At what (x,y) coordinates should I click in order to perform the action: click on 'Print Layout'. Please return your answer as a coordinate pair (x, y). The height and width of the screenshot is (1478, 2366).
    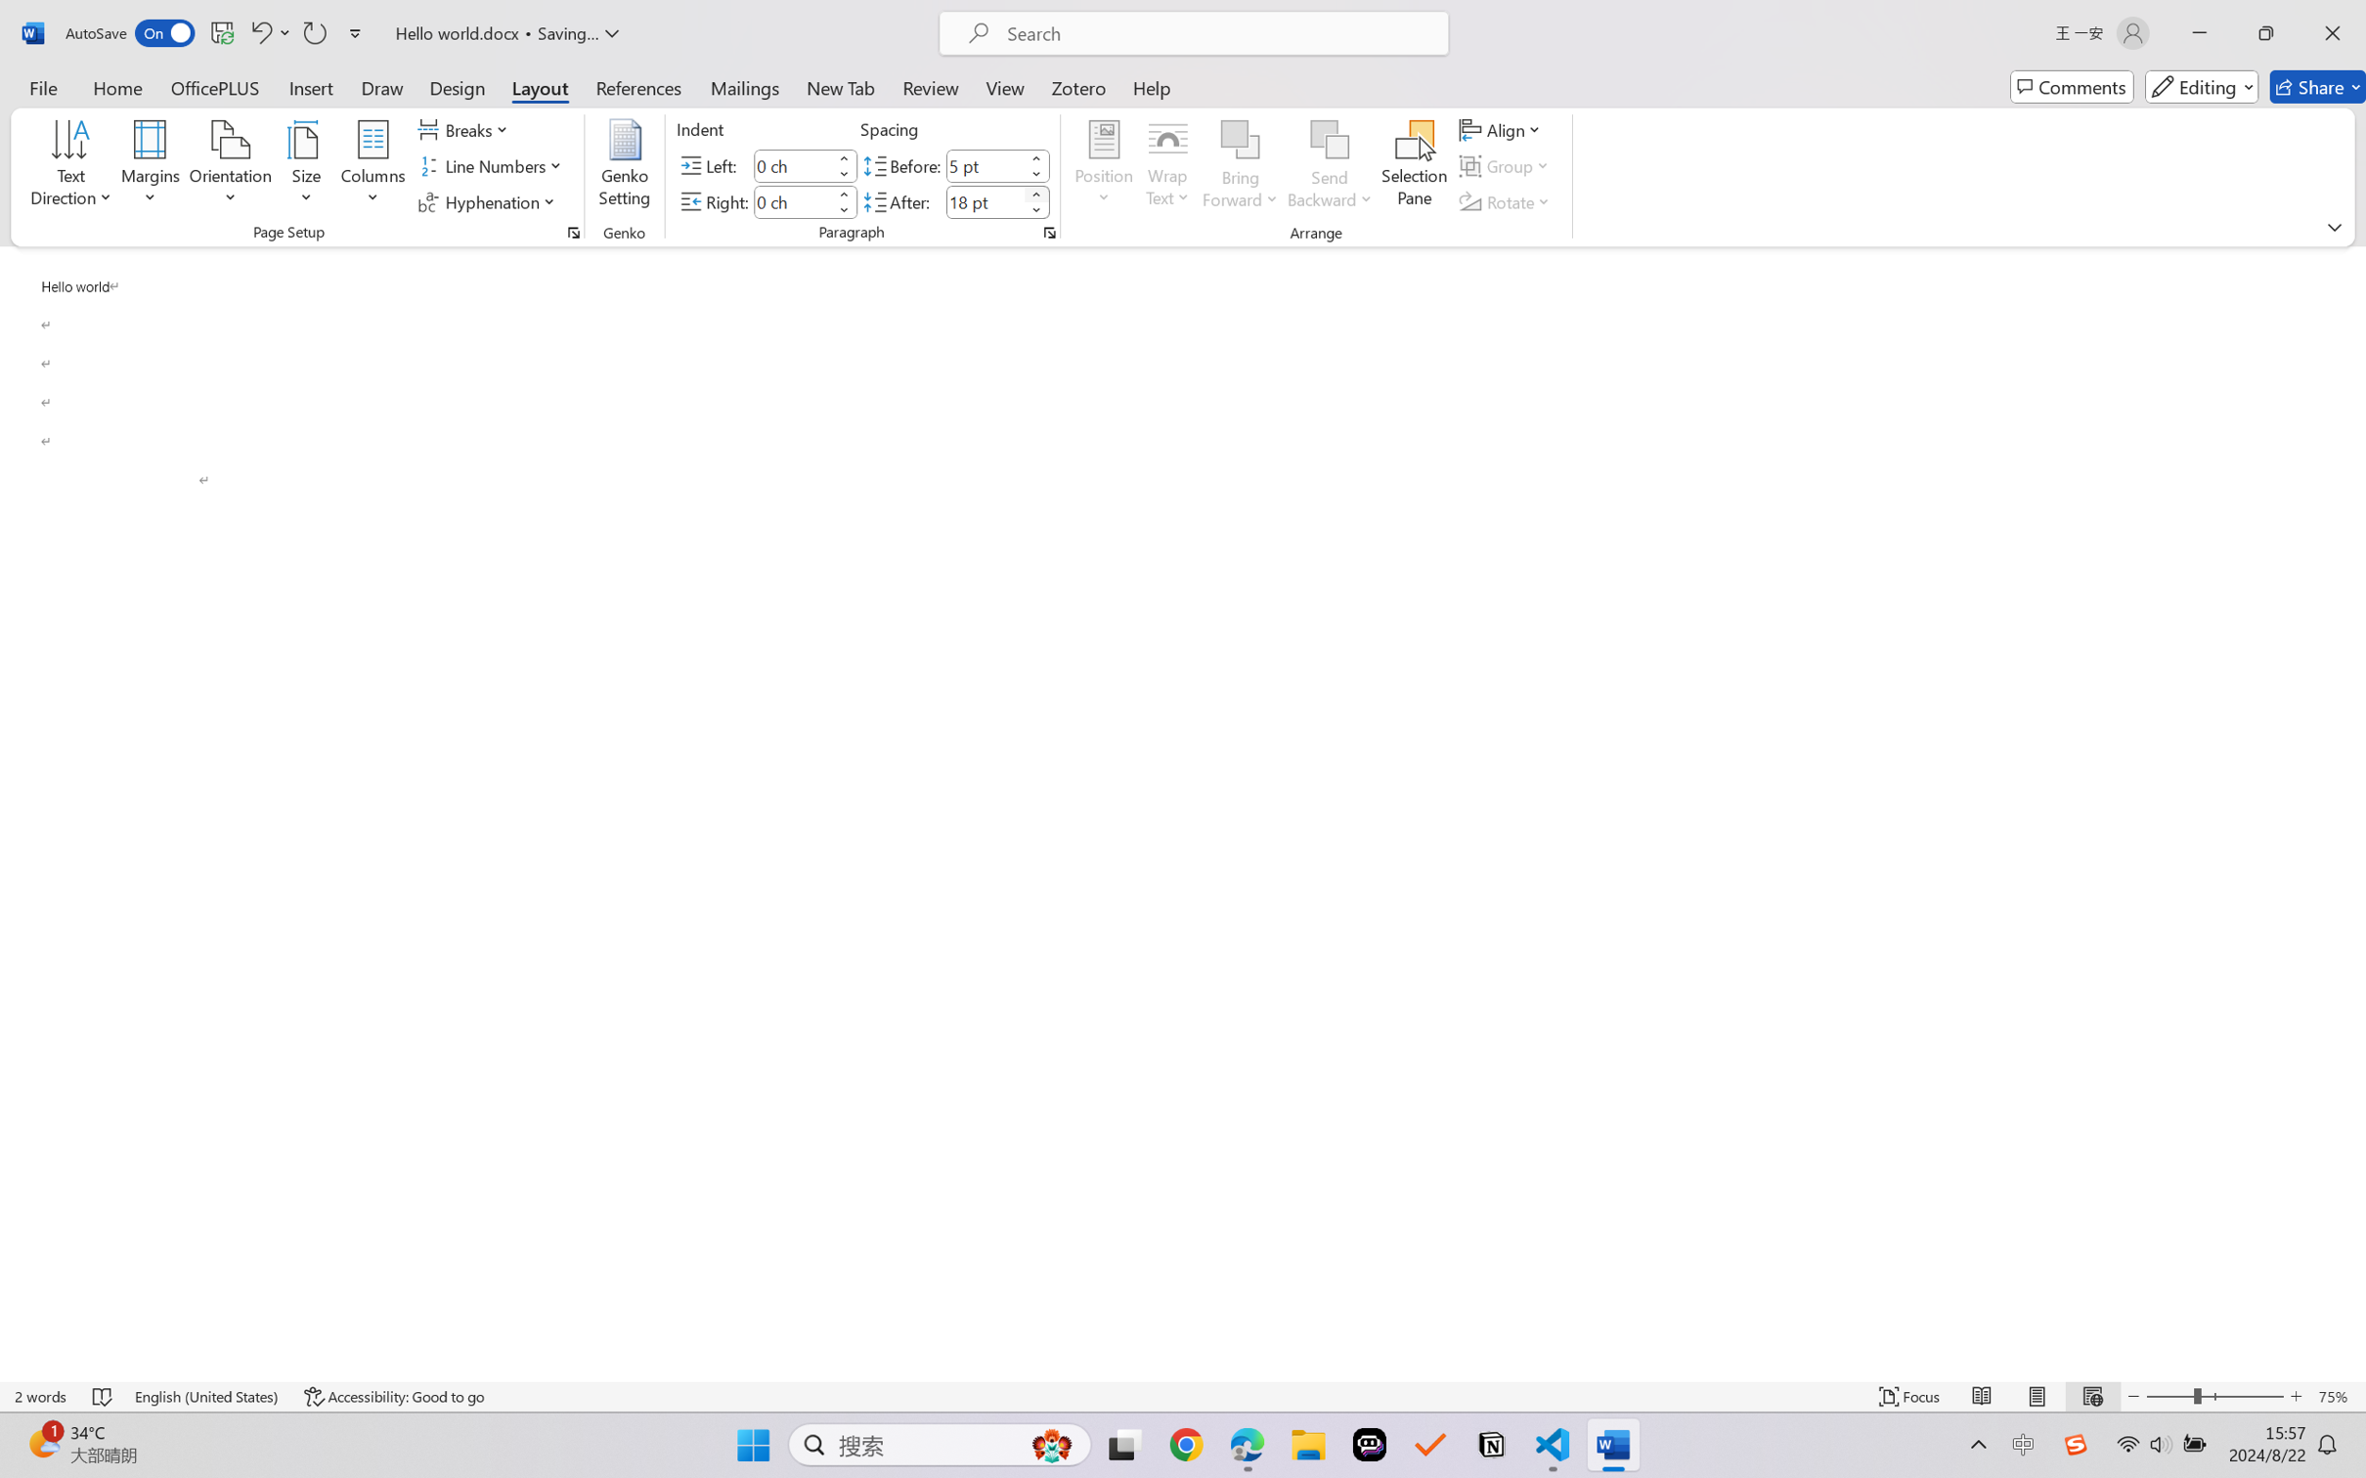
    Looking at the image, I should click on (2037, 1396).